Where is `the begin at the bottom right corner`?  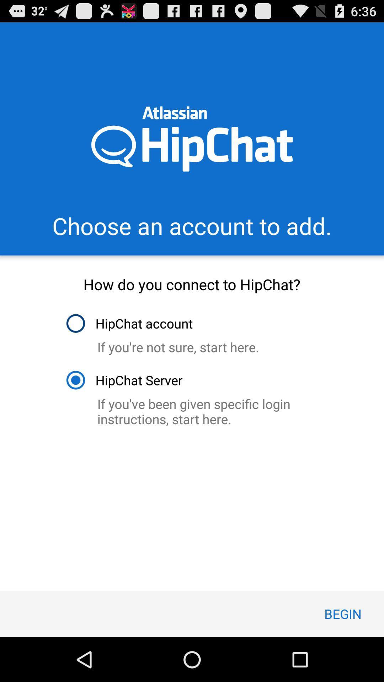 the begin at the bottom right corner is located at coordinates (342, 613).